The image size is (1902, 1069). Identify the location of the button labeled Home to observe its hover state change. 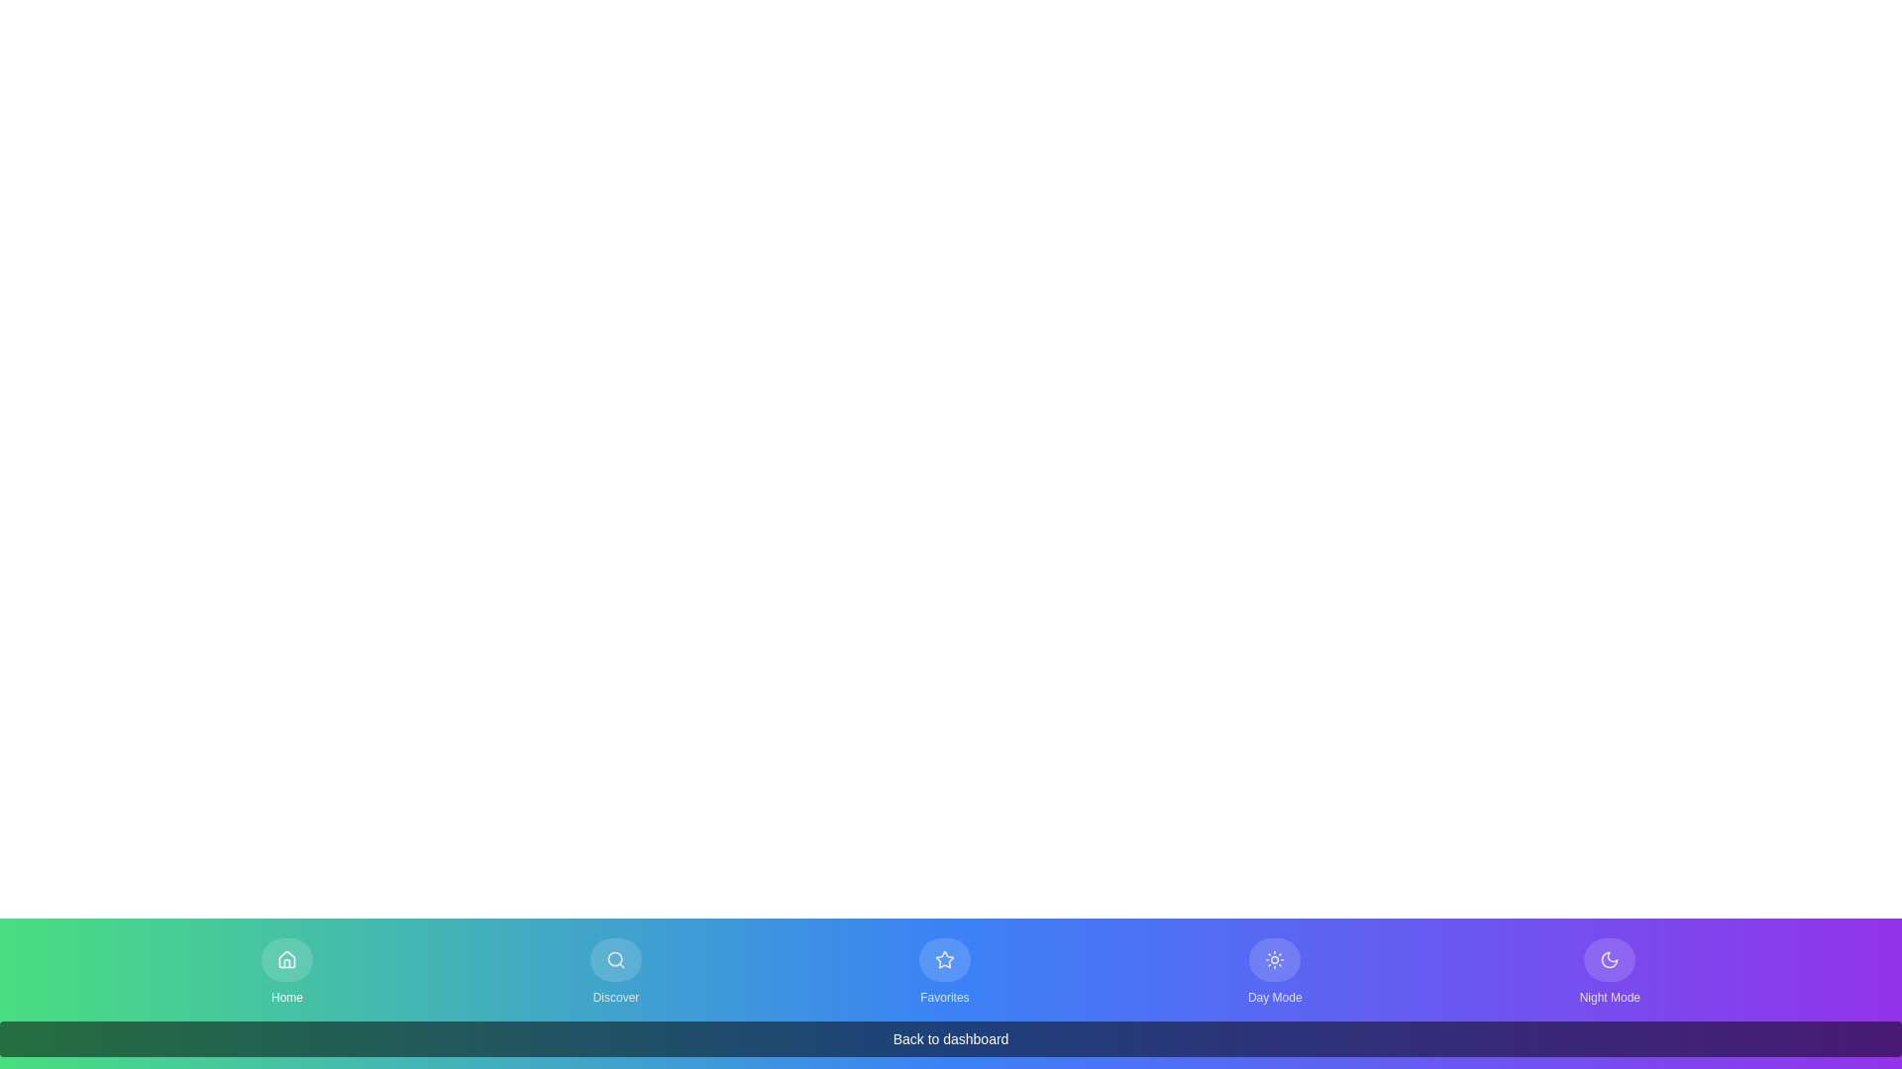
(285, 971).